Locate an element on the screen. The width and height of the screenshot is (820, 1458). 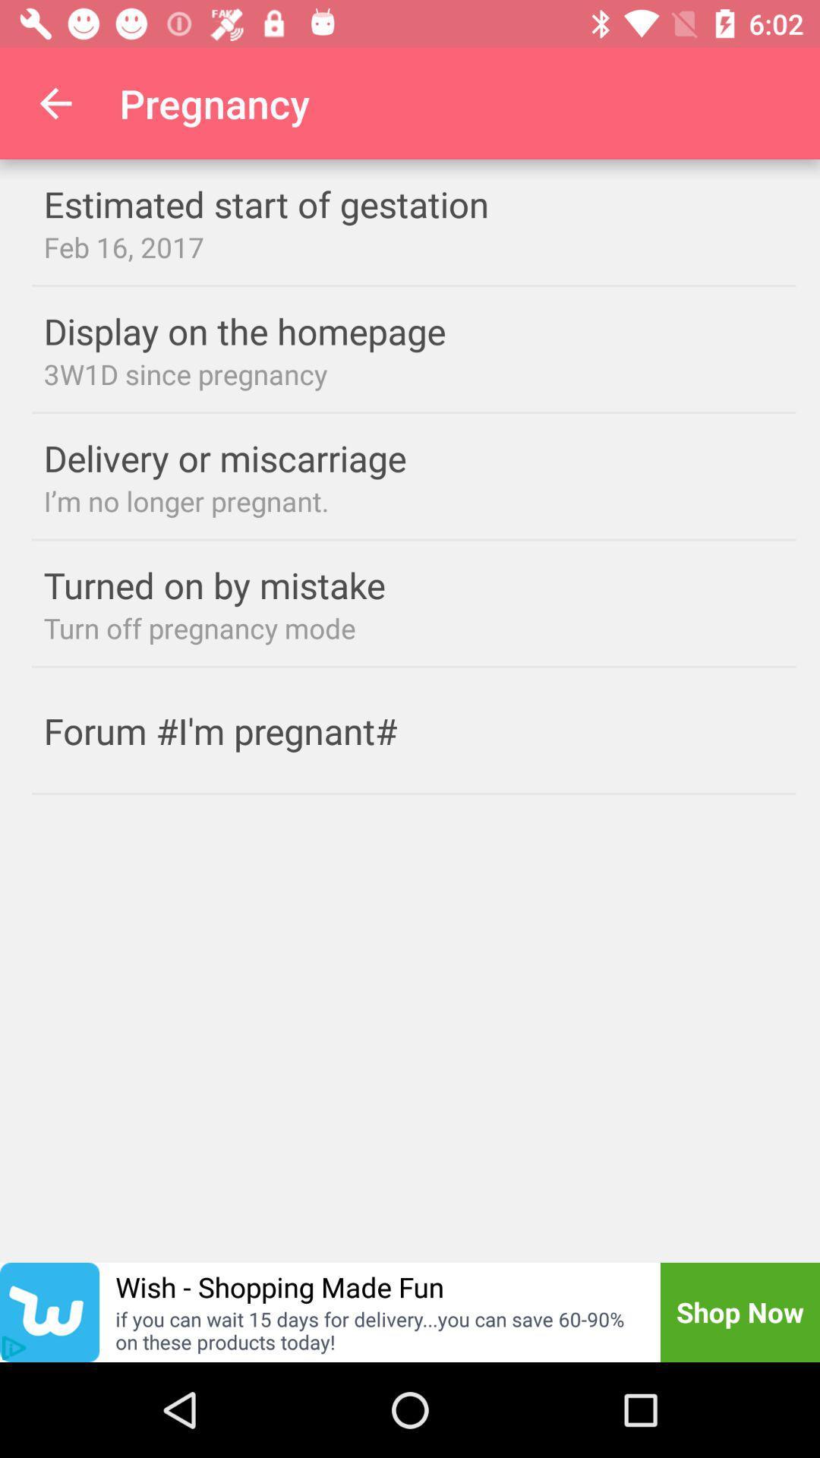
turned on by item is located at coordinates (244, 584).